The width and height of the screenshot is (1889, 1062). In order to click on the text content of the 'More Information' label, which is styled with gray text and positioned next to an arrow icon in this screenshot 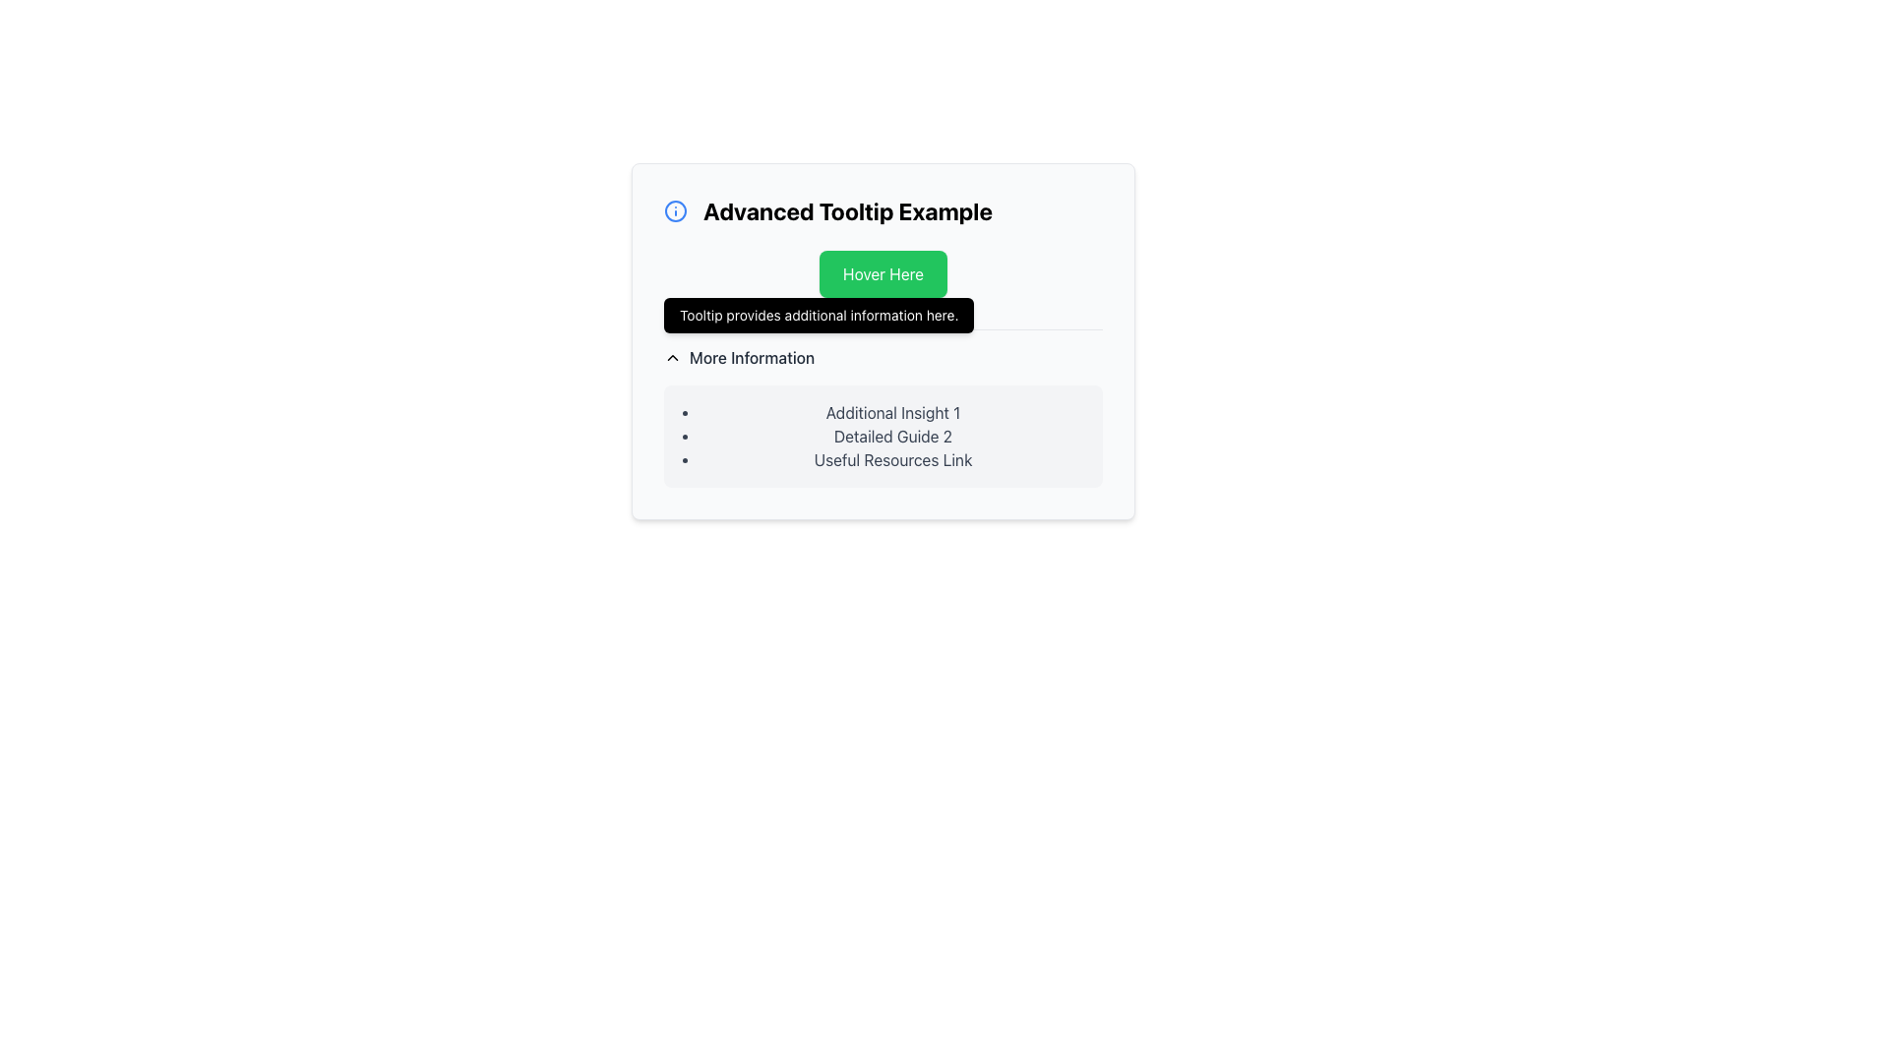, I will do `click(751, 357)`.